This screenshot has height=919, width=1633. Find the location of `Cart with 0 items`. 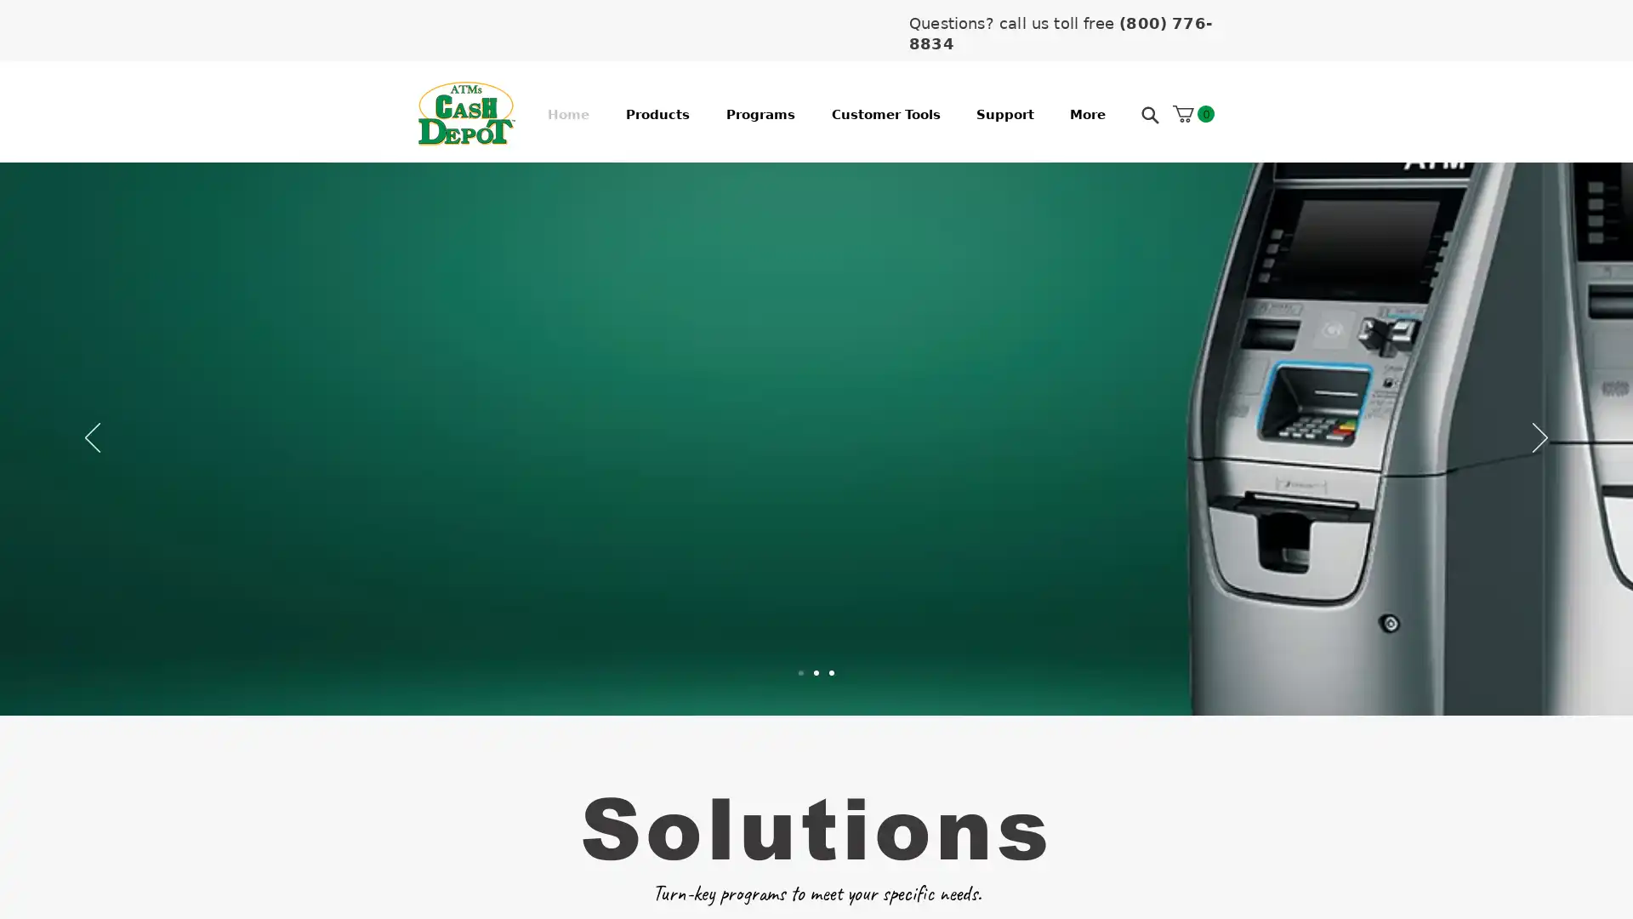

Cart with 0 items is located at coordinates (1192, 113).